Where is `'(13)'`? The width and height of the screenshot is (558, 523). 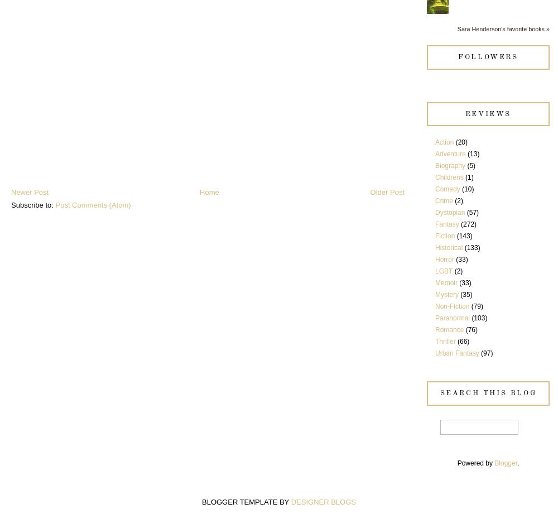
'(13)' is located at coordinates (467, 154).